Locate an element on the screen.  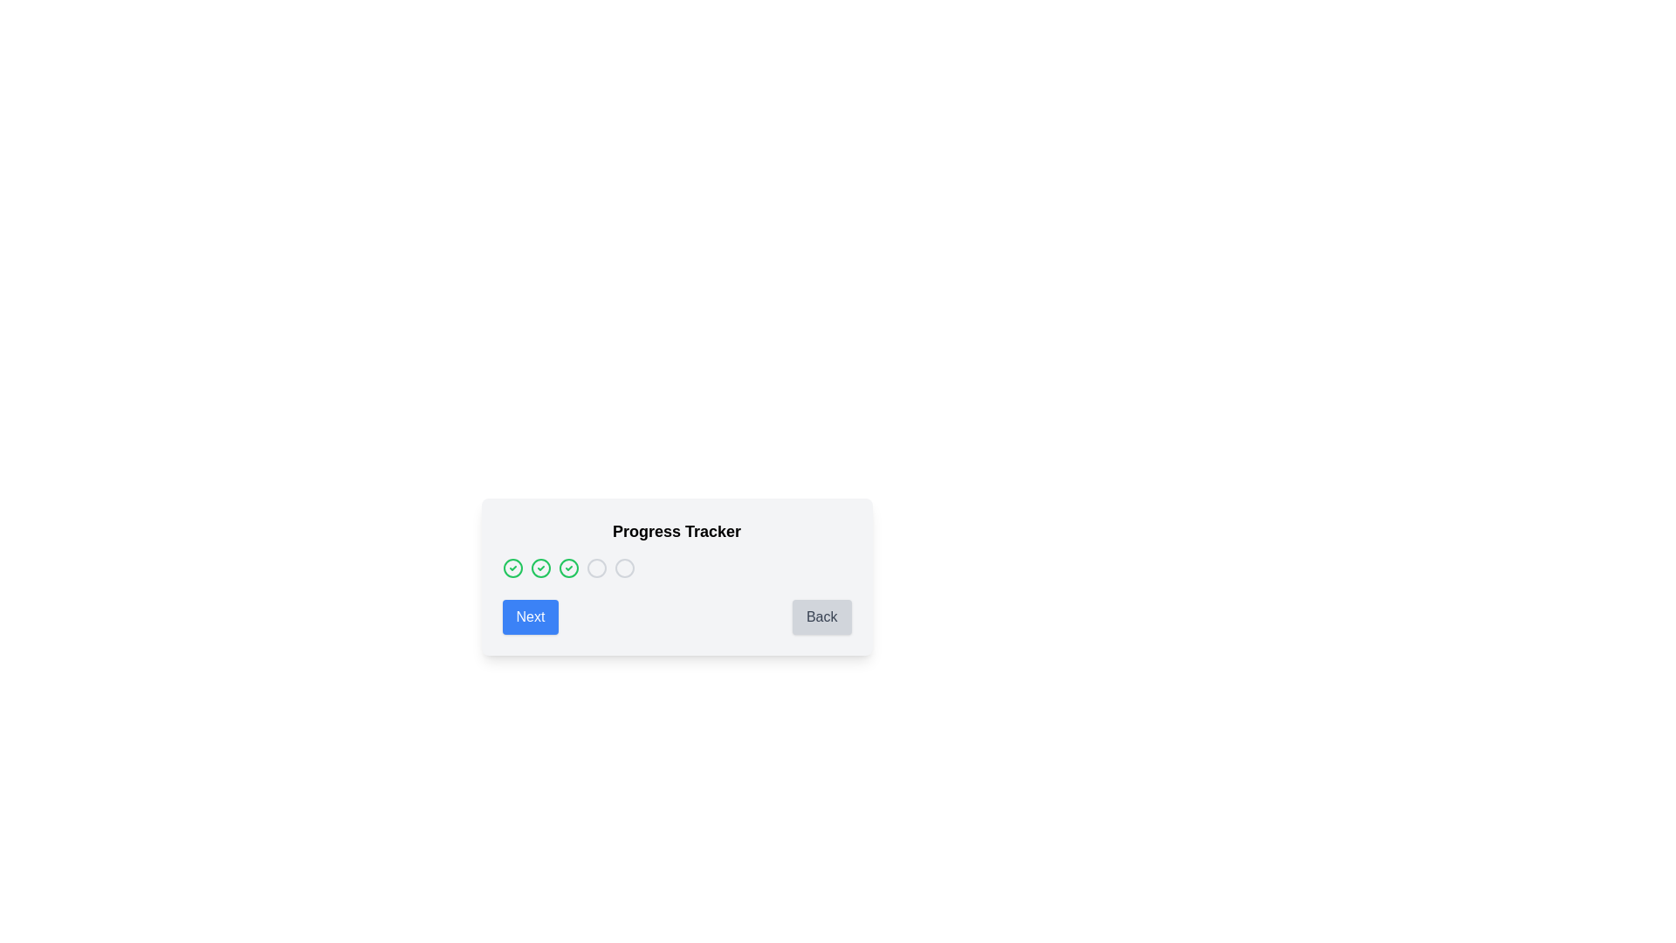
the circular icon with green borders and a green checkmark, which is the third in a horizontal list of four circular progress indicators is located at coordinates (568, 568).